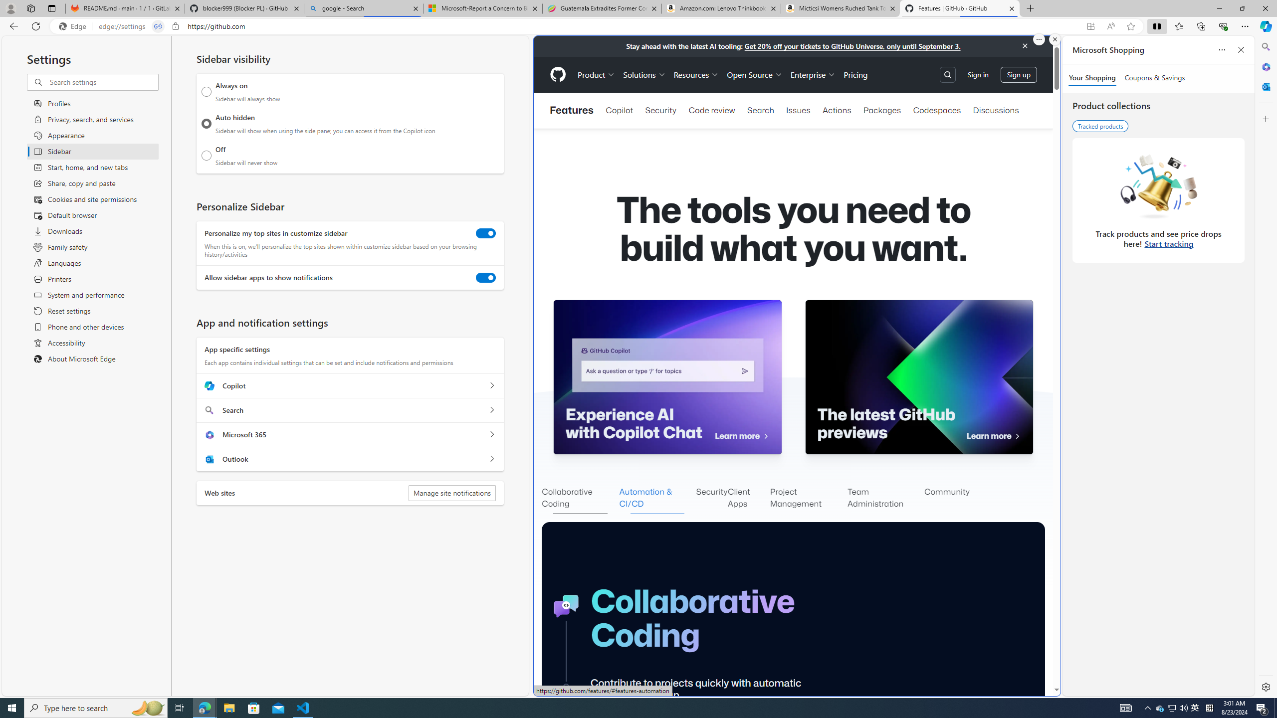 The image size is (1277, 718). Describe the element at coordinates (754, 74) in the screenshot. I see `'Open Source'` at that location.